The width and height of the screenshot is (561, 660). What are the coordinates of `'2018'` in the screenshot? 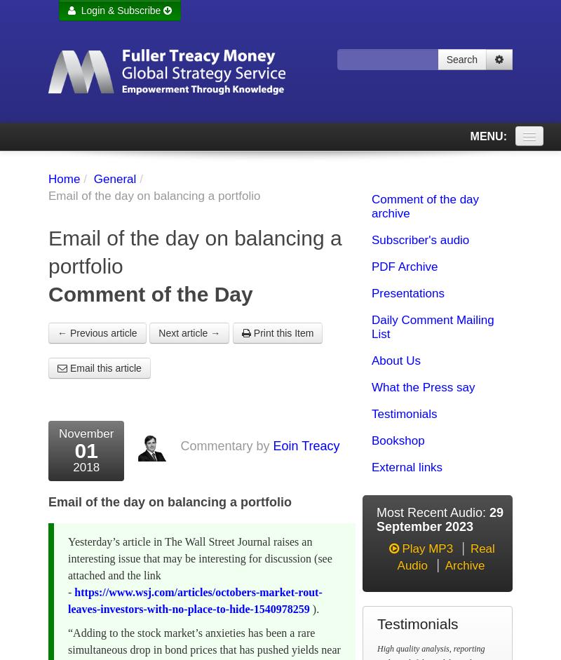 It's located at (85, 466).